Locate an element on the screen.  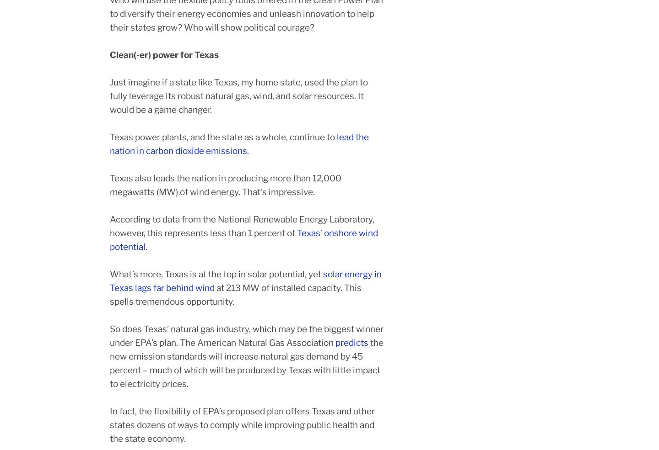
'News and updates' is located at coordinates (395, 340).